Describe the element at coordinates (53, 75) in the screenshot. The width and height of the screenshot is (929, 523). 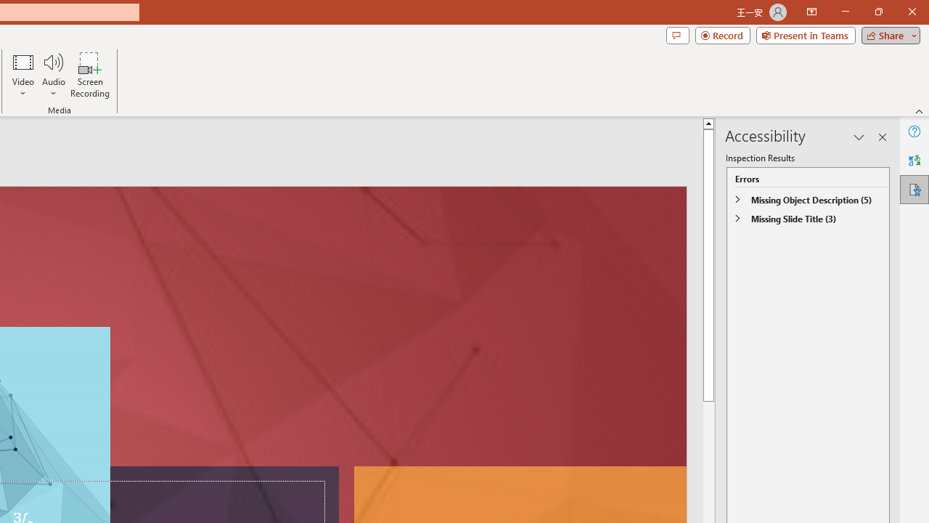
I see `'Audio'` at that location.